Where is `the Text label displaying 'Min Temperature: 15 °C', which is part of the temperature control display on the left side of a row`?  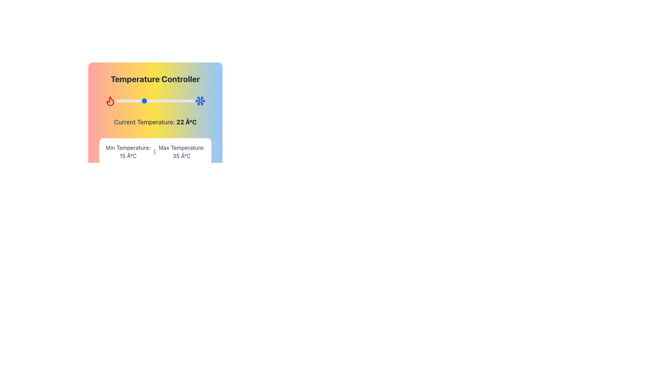 the Text label displaying 'Min Temperature: 15 °C', which is part of the temperature control display on the left side of a row is located at coordinates (128, 151).